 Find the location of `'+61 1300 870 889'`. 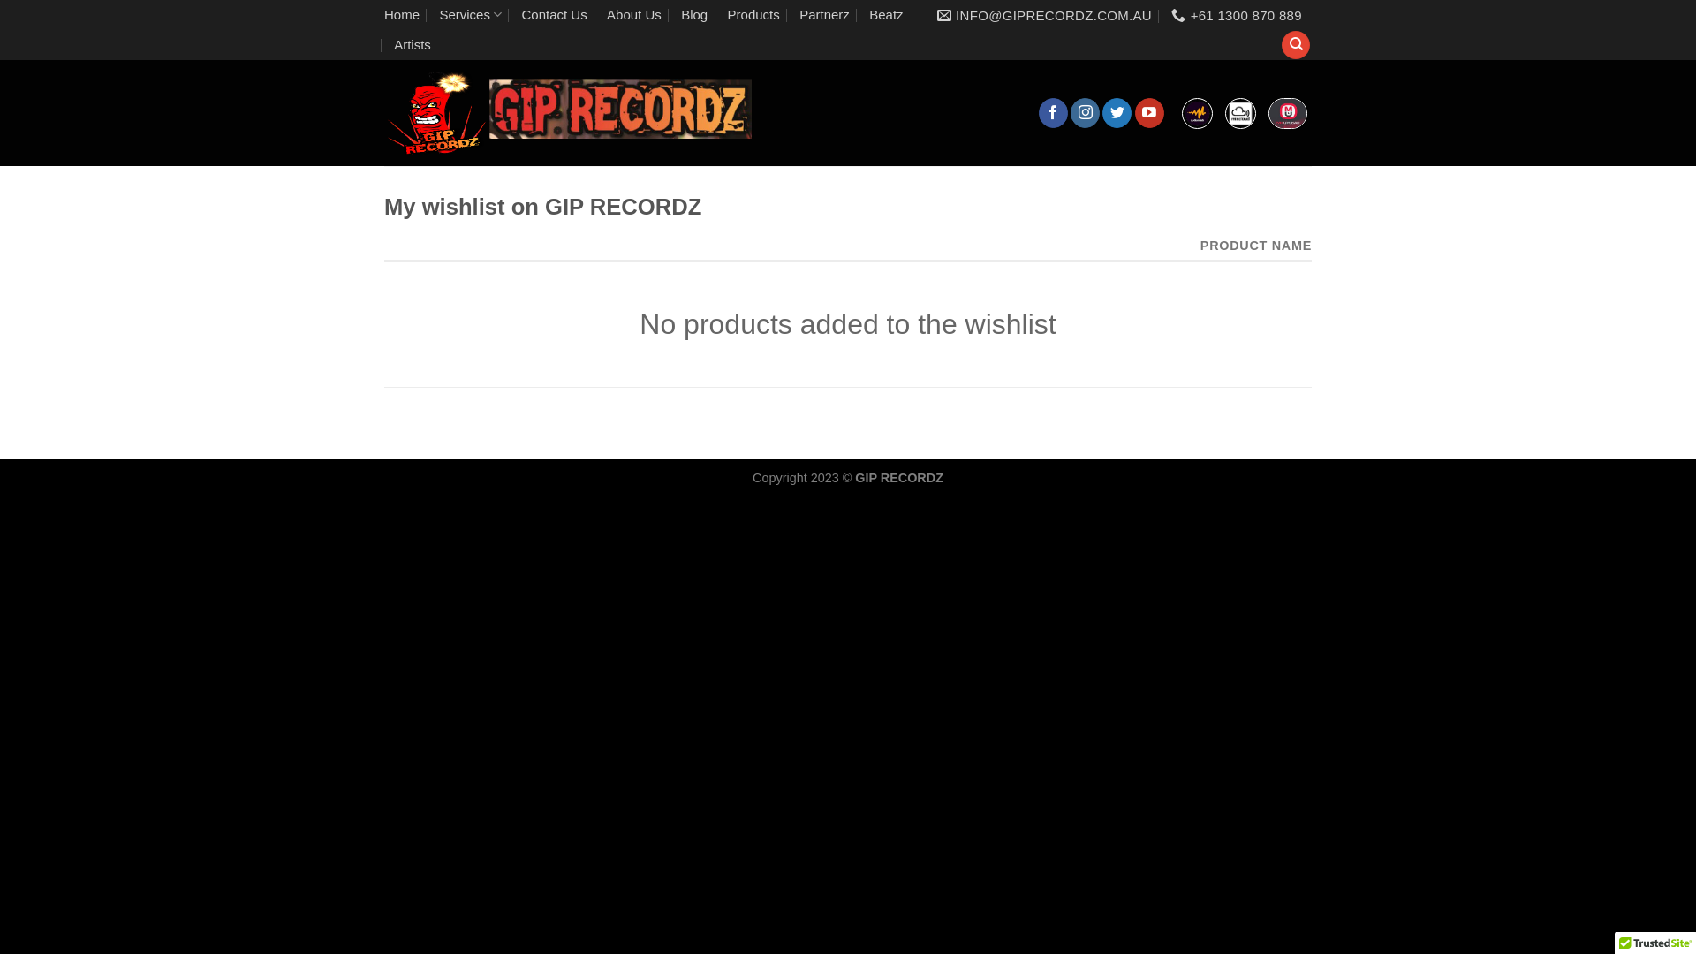

'+61 1300 870 889' is located at coordinates (1235, 16).